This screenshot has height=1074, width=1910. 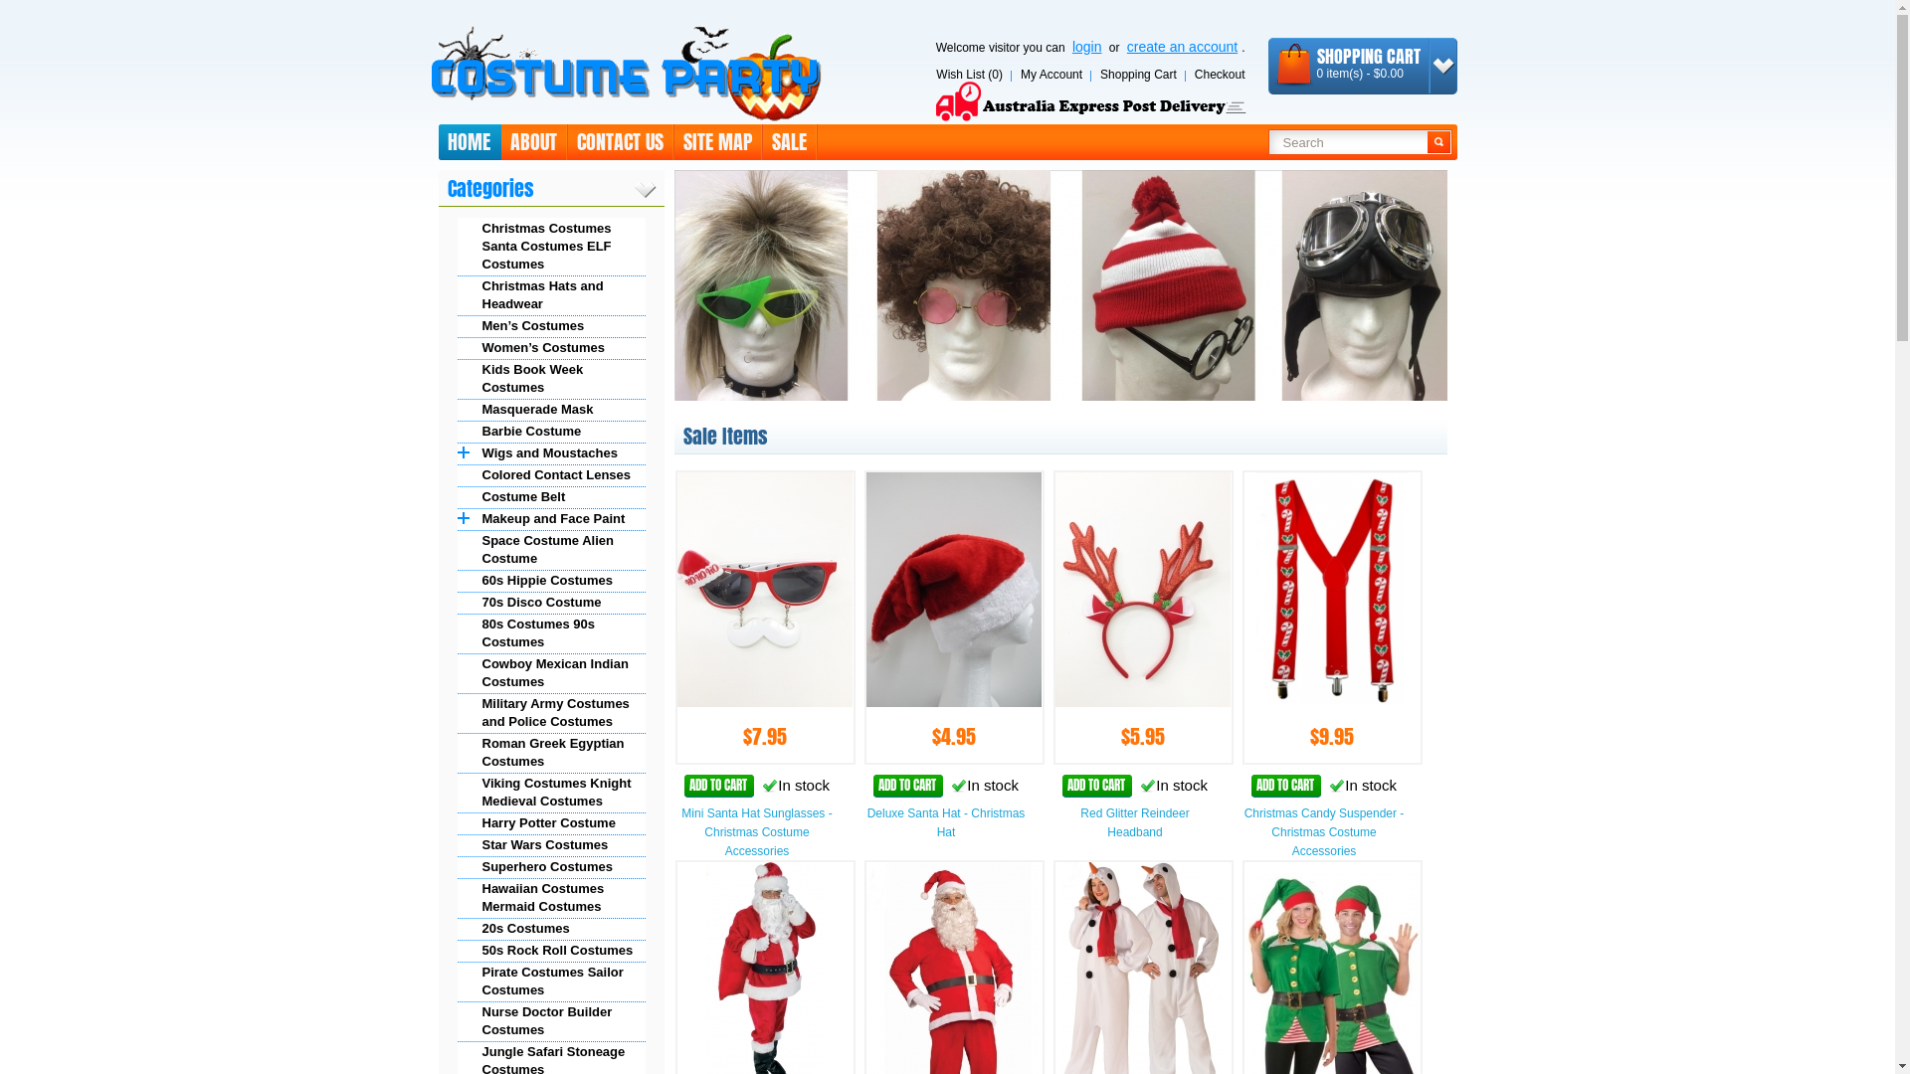 What do you see at coordinates (1324, 832) in the screenshot?
I see `'Christmas Candy Suspender - Christmas Costume Accessories'` at bounding box center [1324, 832].